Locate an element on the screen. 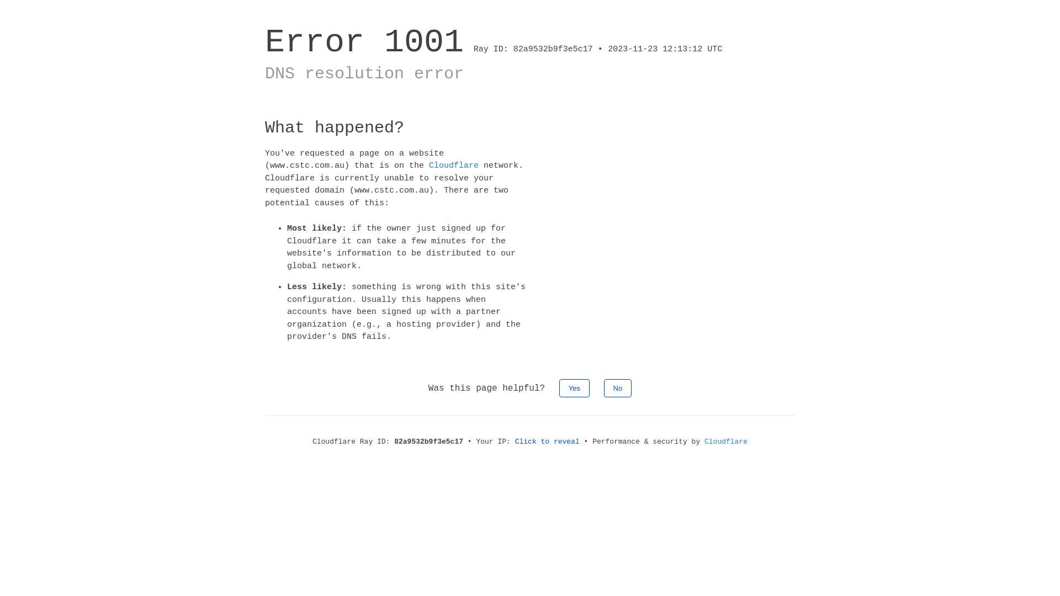 The image size is (1060, 596). 'Cloudflare' is located at coordinates (453, 166).